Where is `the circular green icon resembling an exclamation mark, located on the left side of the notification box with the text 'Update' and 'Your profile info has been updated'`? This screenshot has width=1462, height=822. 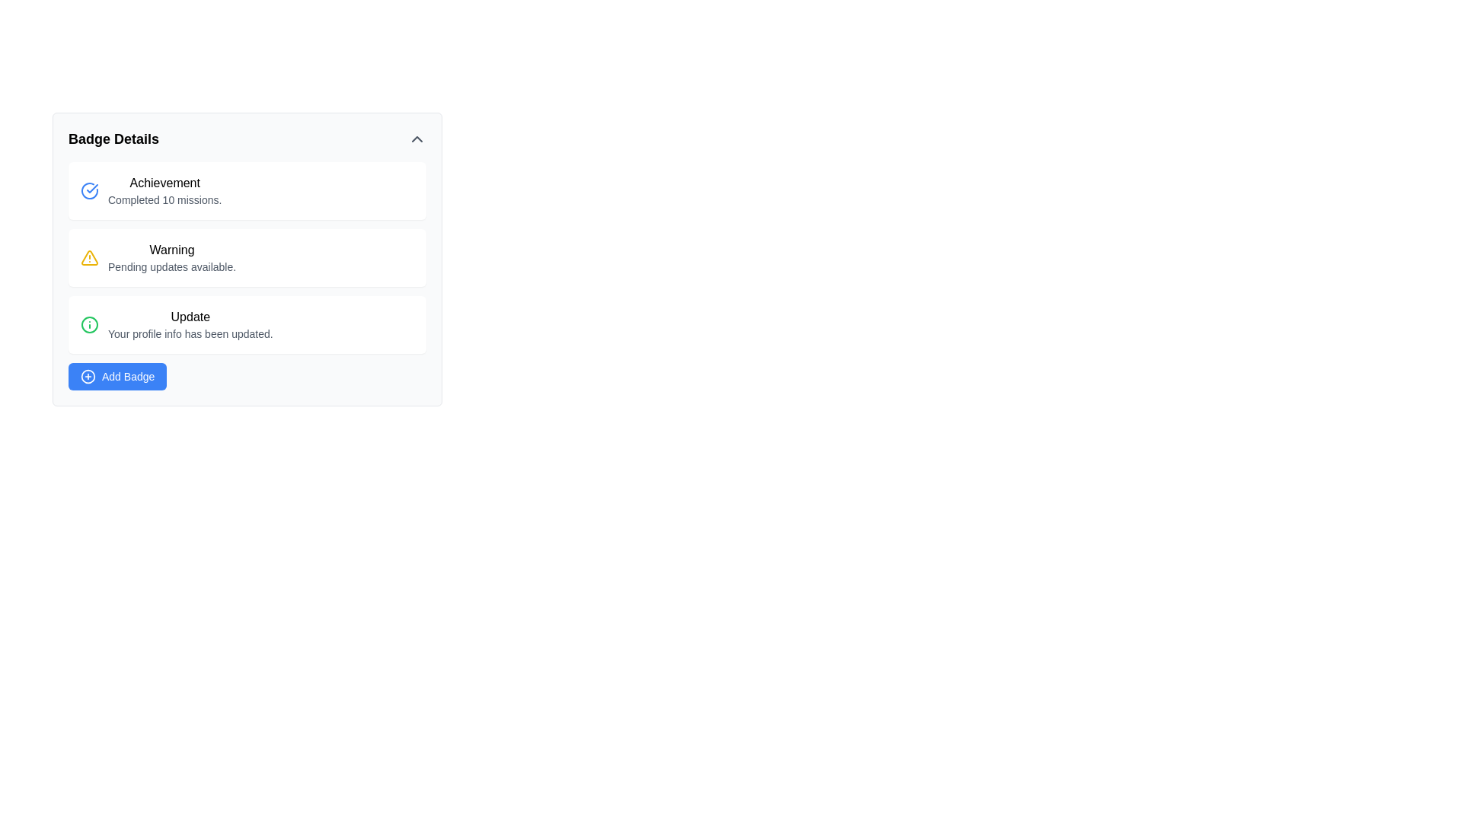
the circular green icon resembling an exclamation mark, located on the left side of the notification box with the text 'Update' and 'Your profile info has been updated' is located at coordinates (89, 324).